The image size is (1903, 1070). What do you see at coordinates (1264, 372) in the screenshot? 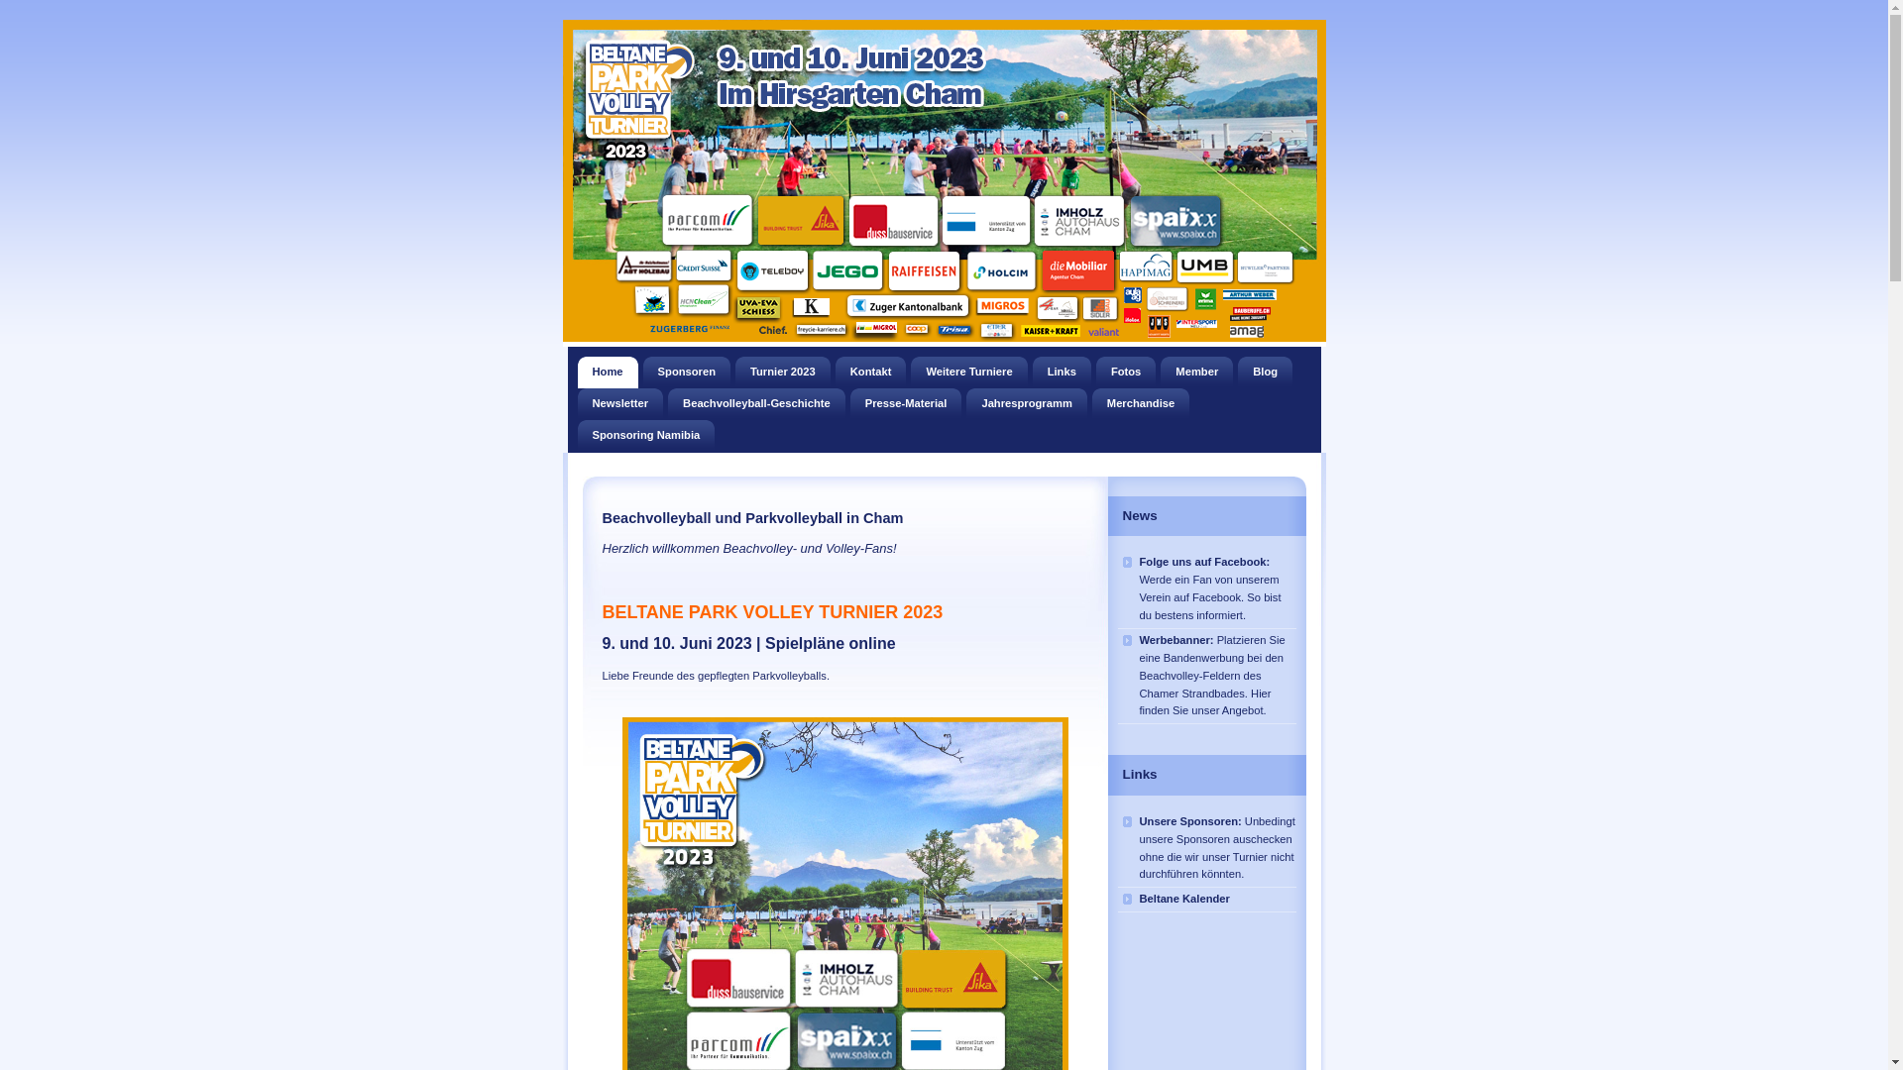
I see `'Blog` at bounding box center [1264, 372].